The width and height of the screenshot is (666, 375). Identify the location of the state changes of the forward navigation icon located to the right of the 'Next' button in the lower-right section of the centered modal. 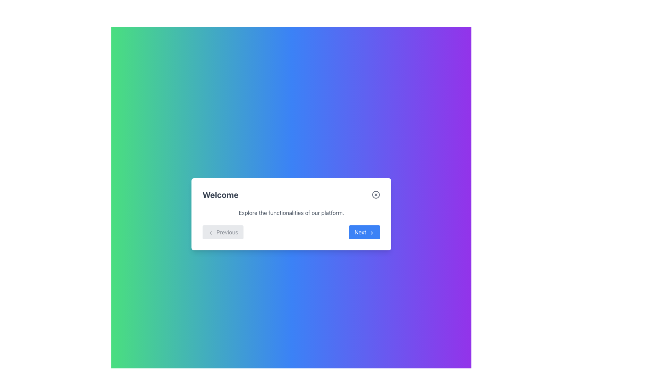
(371, 233).